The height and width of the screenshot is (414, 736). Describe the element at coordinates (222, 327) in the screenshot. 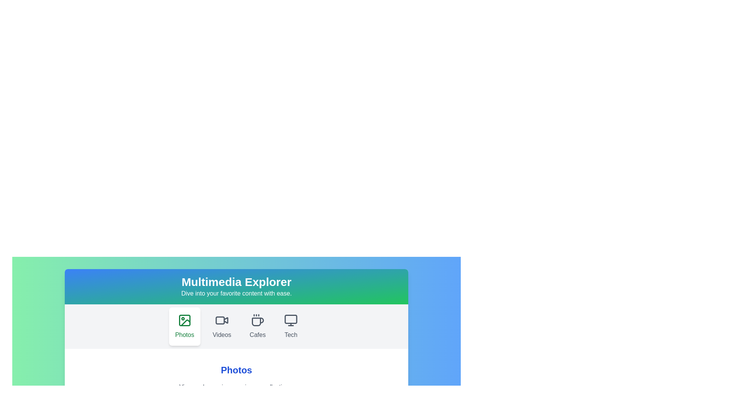

I see `the tab titled 'Videos' and its associated icon` at that location.